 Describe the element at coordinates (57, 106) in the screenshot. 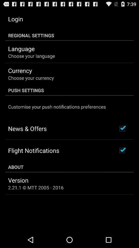

I see `customise your push` at that location.